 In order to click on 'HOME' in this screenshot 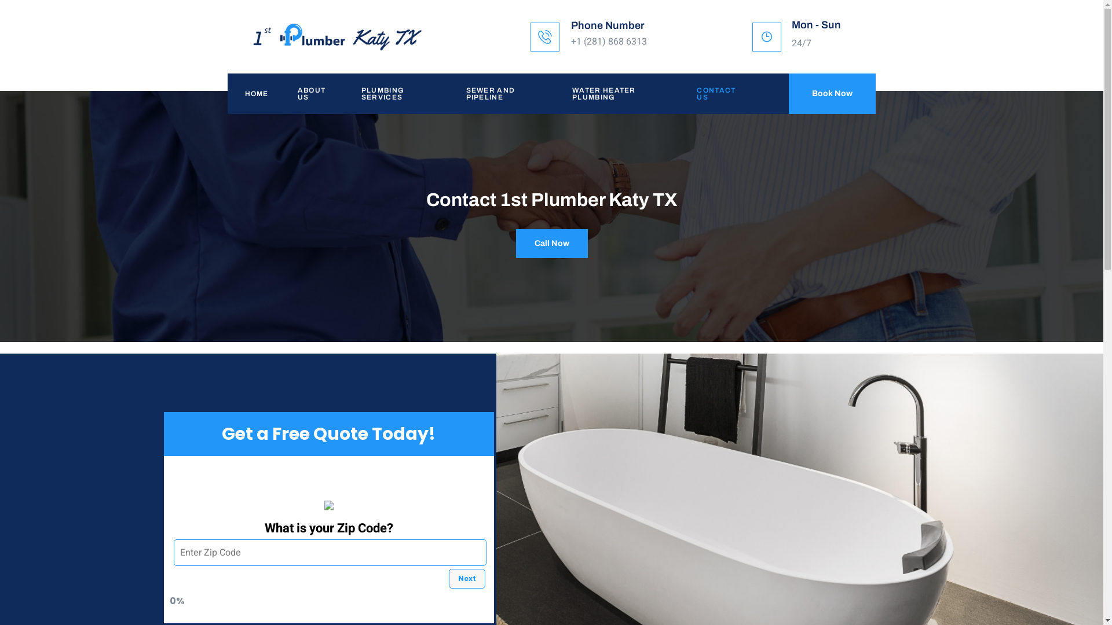, I will do `click(227, 93)`.